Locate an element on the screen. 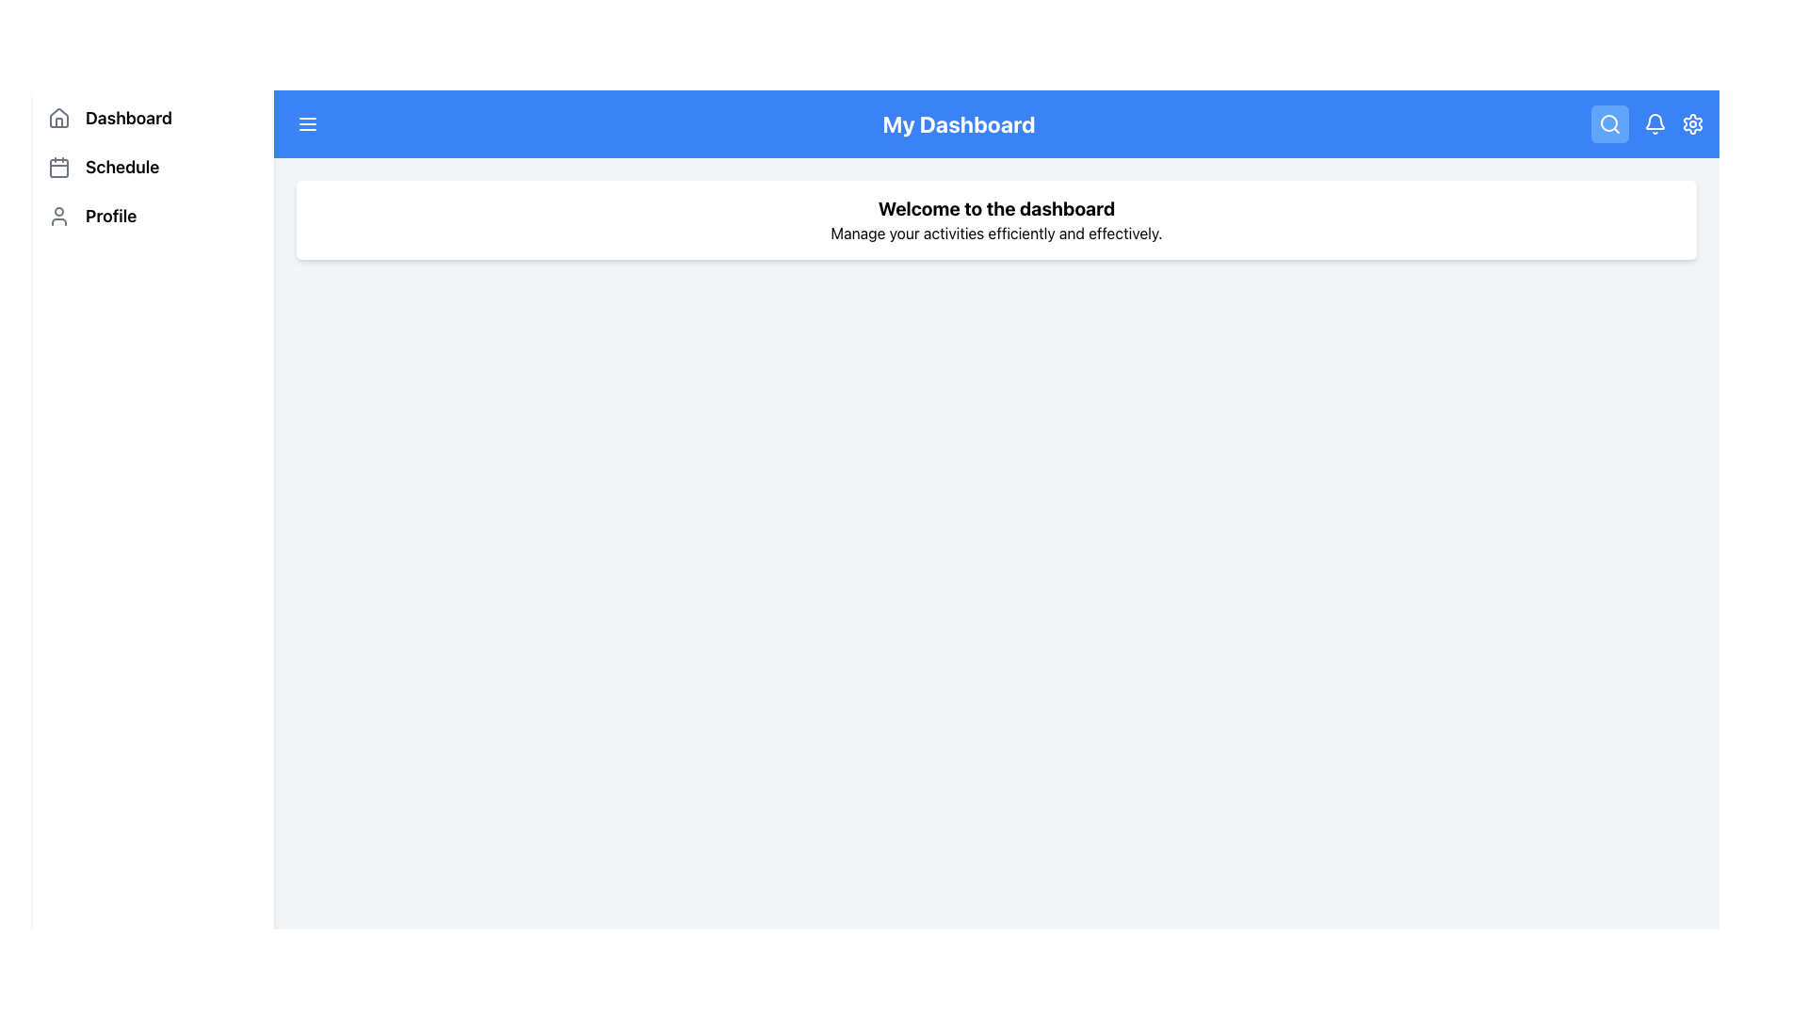 The image size is (1808, 1017). the menu toggle button located at the top-left corner of the blue navigation bar is located at coordinates (307, 123).